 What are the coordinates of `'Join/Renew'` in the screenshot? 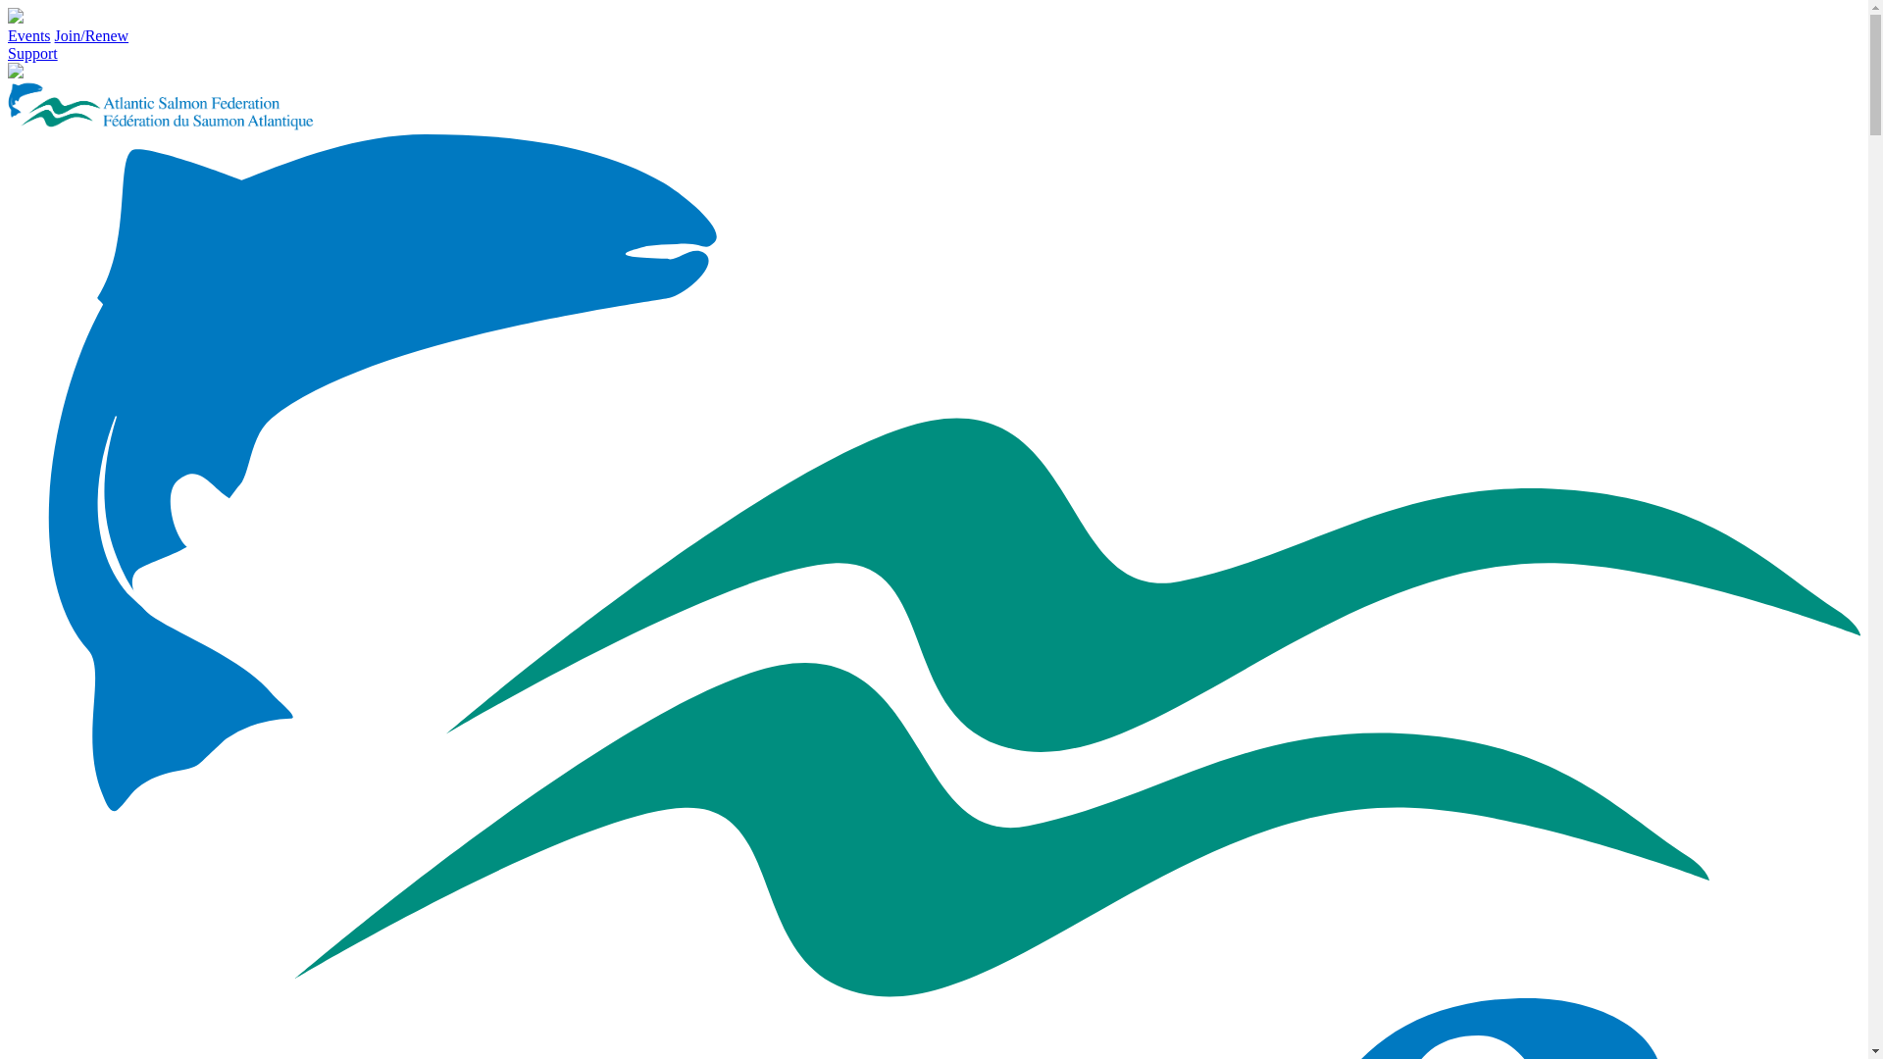 It's located at (91, 35).